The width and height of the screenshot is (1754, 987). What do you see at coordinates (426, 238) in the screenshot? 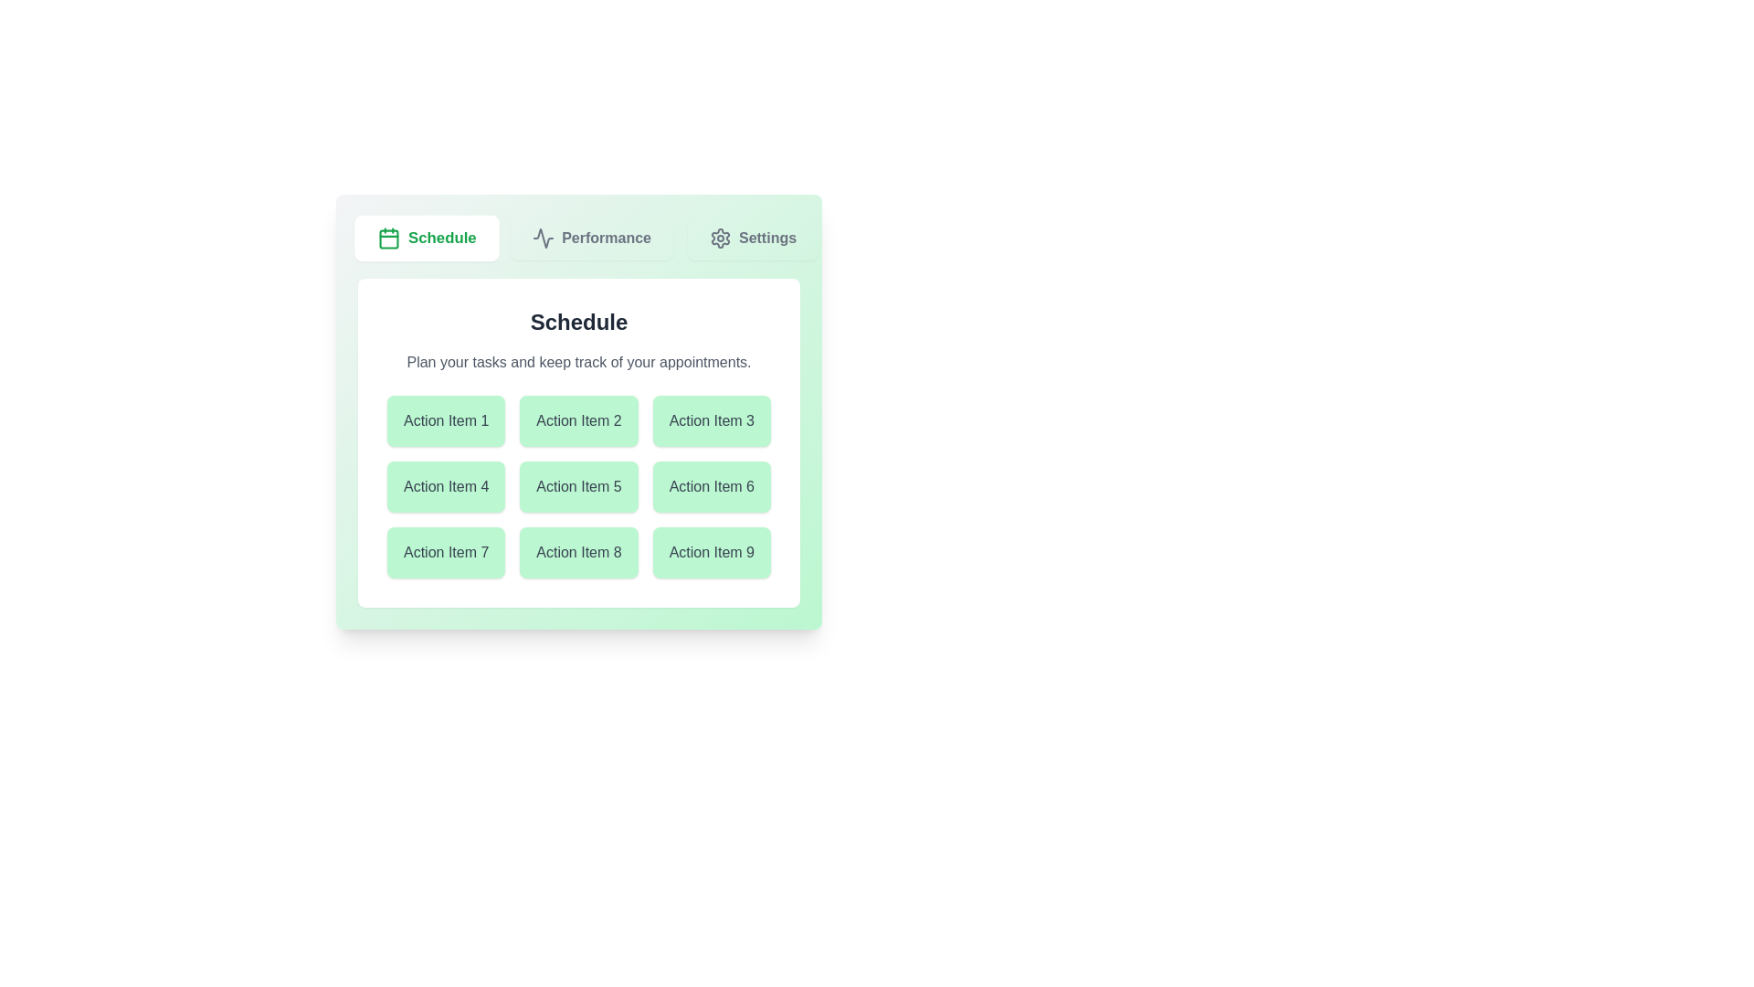
I see `the tab labeled Schedule to preview its hover effect` at bounding box center [426, 238].